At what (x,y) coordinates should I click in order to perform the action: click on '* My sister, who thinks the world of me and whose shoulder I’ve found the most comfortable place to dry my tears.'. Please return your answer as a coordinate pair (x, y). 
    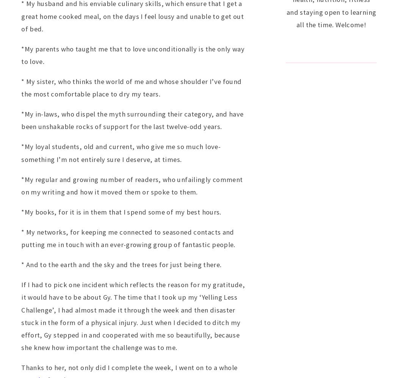
    Looking at the image, I should click on (131, 87).